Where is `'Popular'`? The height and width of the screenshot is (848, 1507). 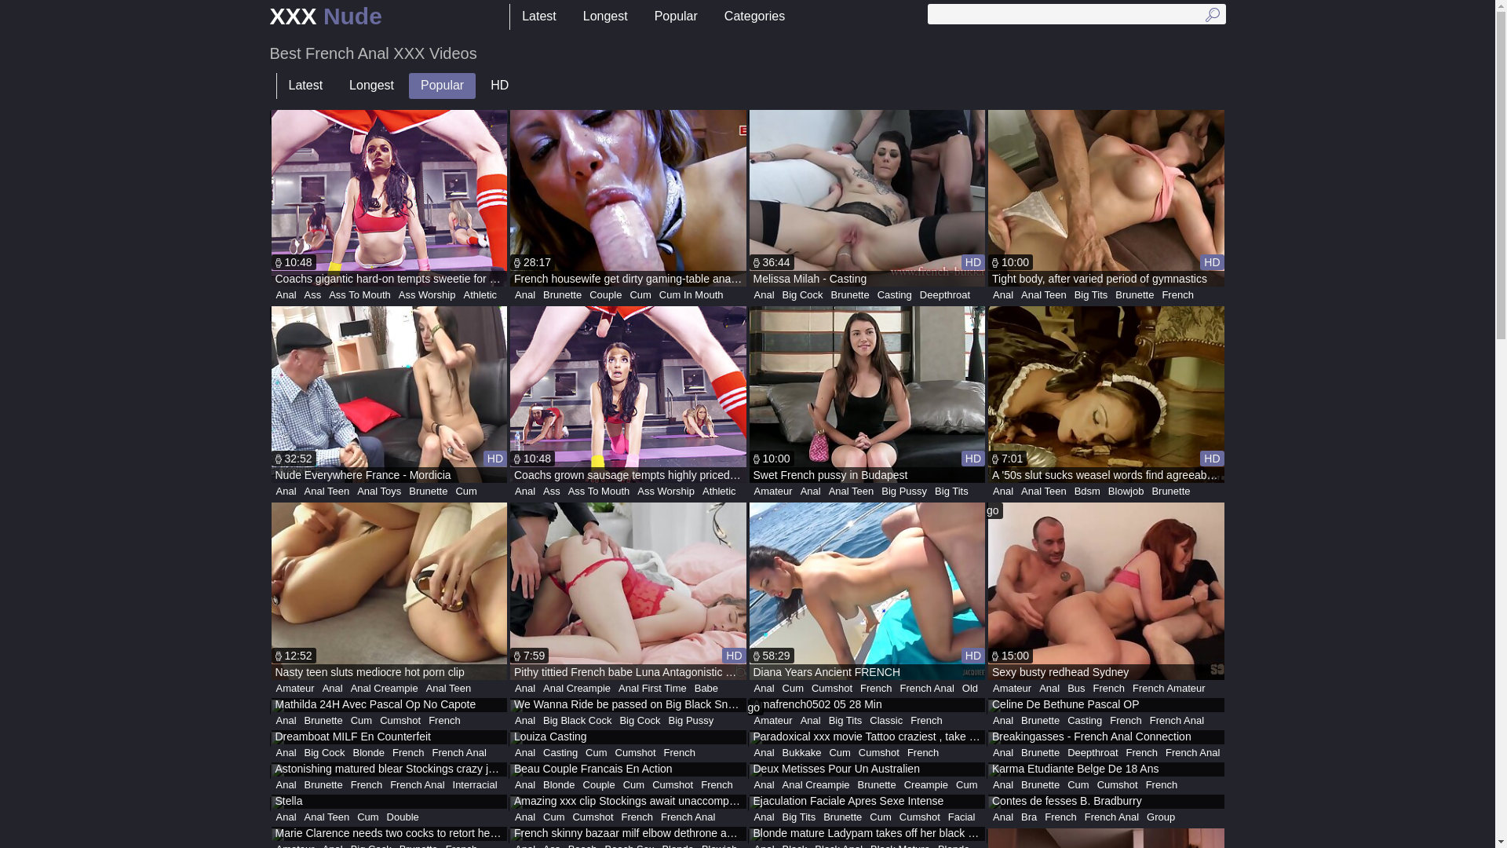 'Popular' is located at coordinates (441, 86).